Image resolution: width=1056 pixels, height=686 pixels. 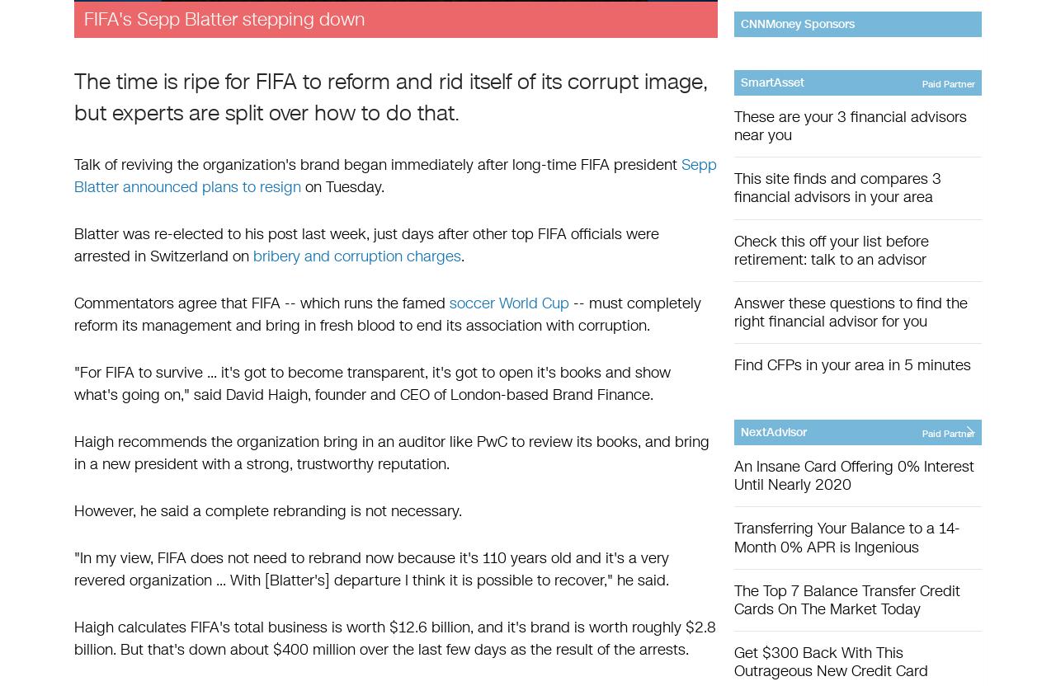 I want to click on 'Sepp Blatter announced plans to resign', so click(x=394, y=176).